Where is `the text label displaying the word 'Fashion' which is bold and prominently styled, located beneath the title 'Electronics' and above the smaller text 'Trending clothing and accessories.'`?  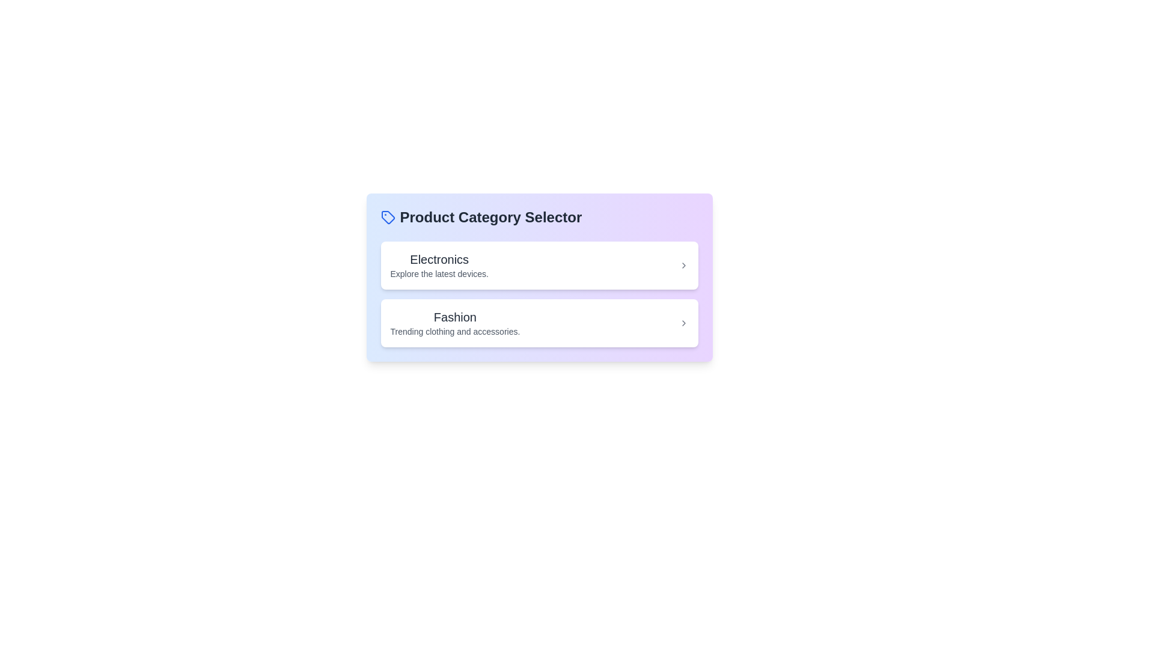 the text label displaying the word 'Fashion' which is bold and prominently styled, located beneath the title 'Electronics' and above the smaller text 'Trending clothing and accessories.' is located at coordinates (454, 317).